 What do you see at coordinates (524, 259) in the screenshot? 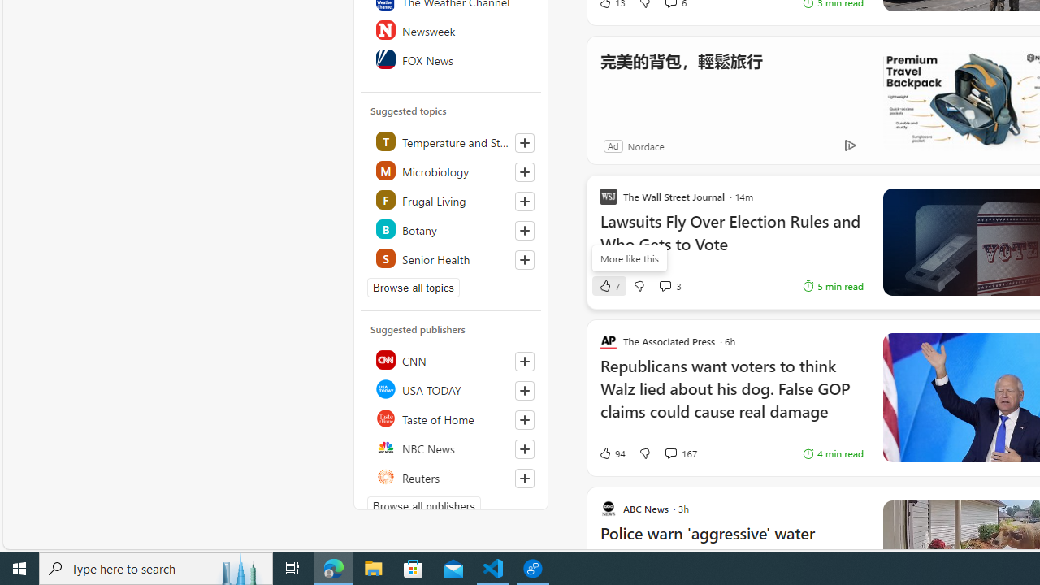
I see `'Follow this topic'` at bounding box center [524, 259].